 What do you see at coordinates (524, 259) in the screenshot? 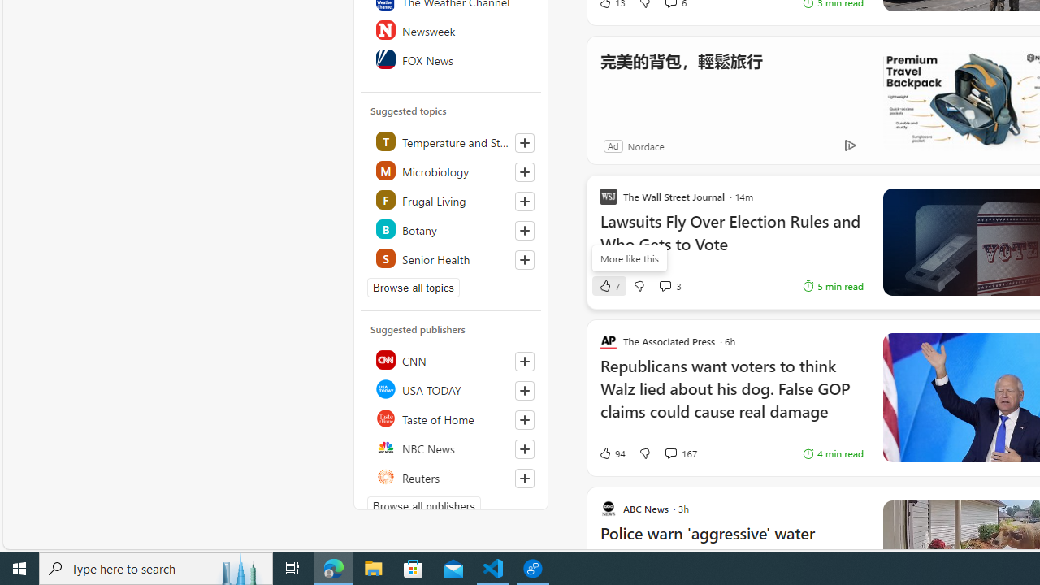
I see `'Follow this topic'` at bounding box center [524, 259].